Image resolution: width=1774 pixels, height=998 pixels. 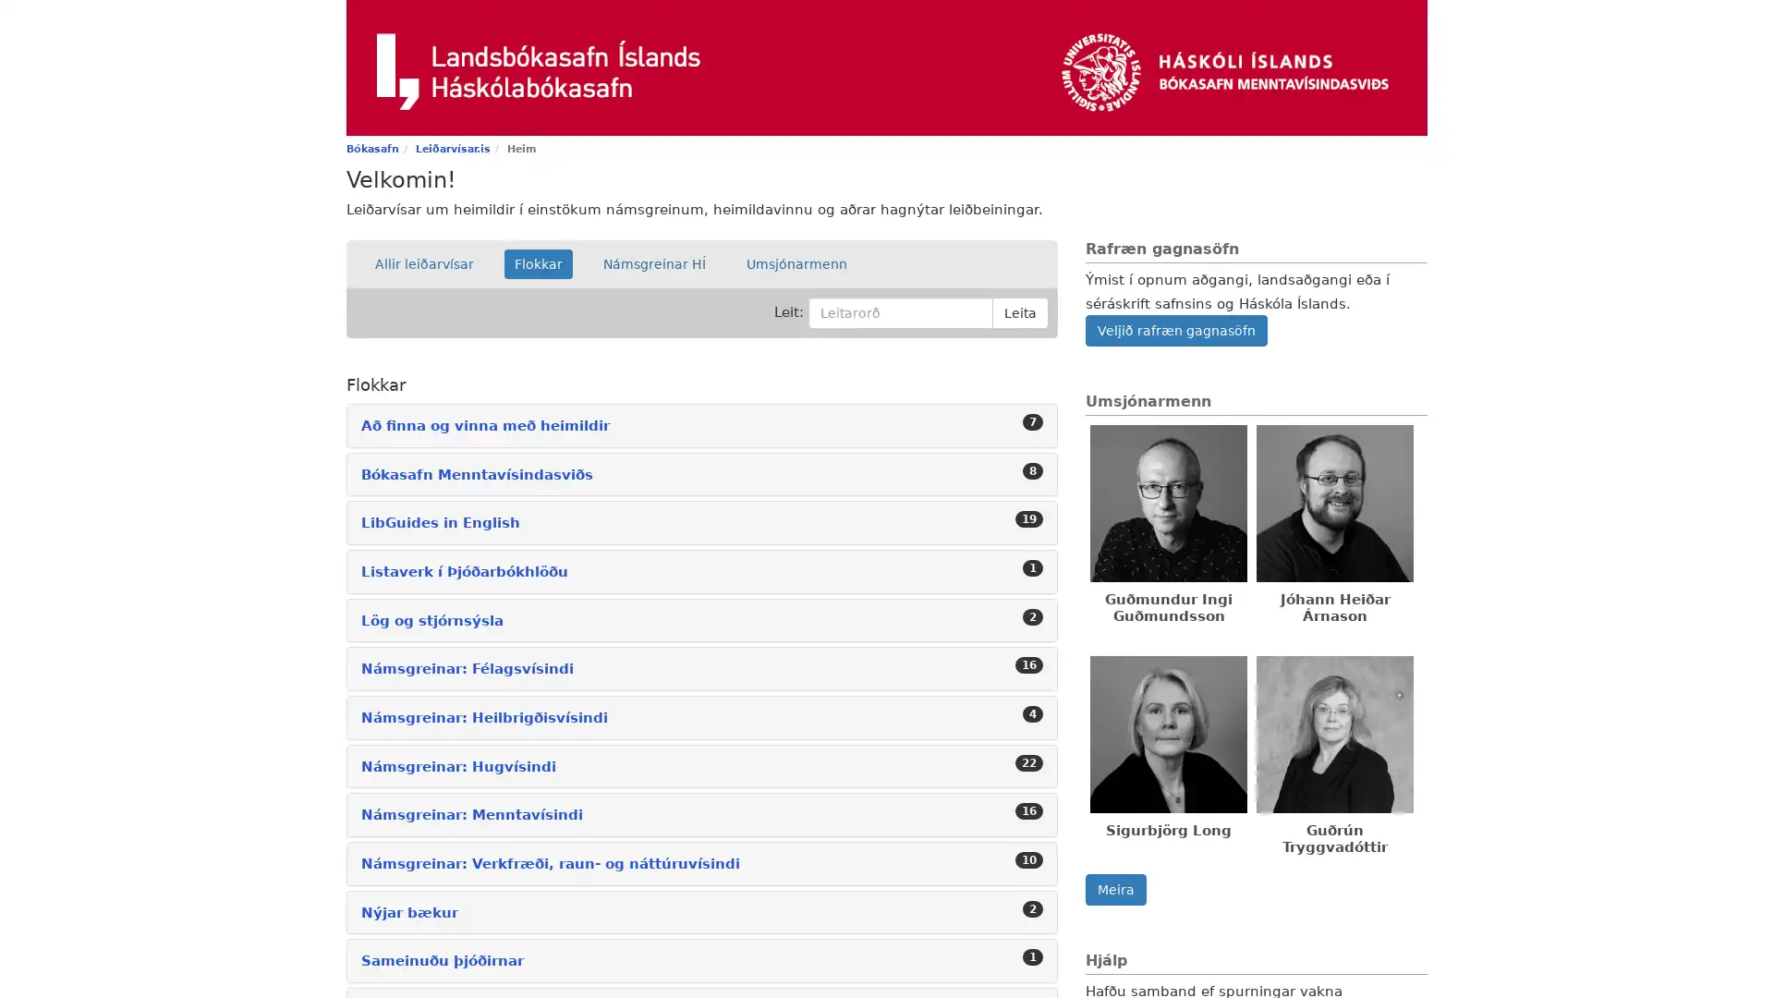 I want to click on Namsgreinar HI, so click(x=654, y=263).